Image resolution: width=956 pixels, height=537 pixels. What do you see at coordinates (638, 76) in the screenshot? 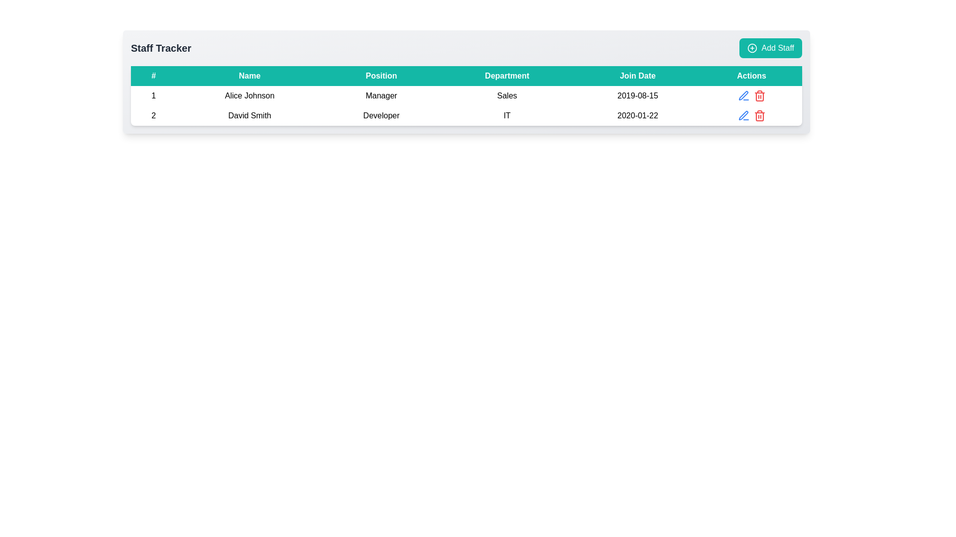
I see `the Table Header Cell displaying 'Join Date', which is the fifth column header in the table, centrally aligned within its cell` at bounding box center [638, 76].